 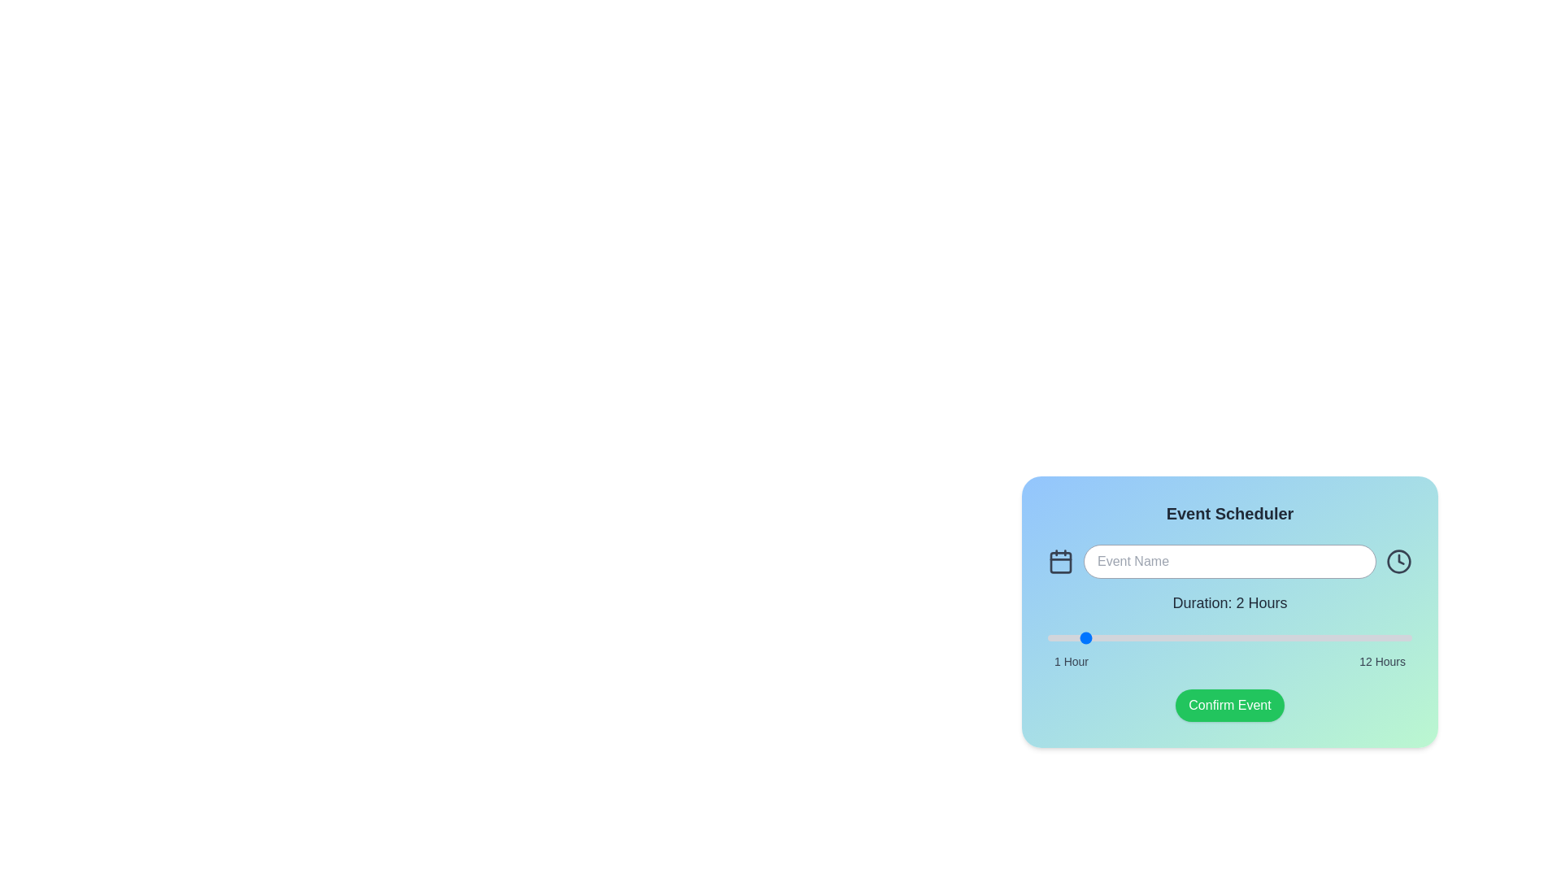 I want to click on the 'Confirm Event' button to confirm the event, so click(x=1229, y=704).